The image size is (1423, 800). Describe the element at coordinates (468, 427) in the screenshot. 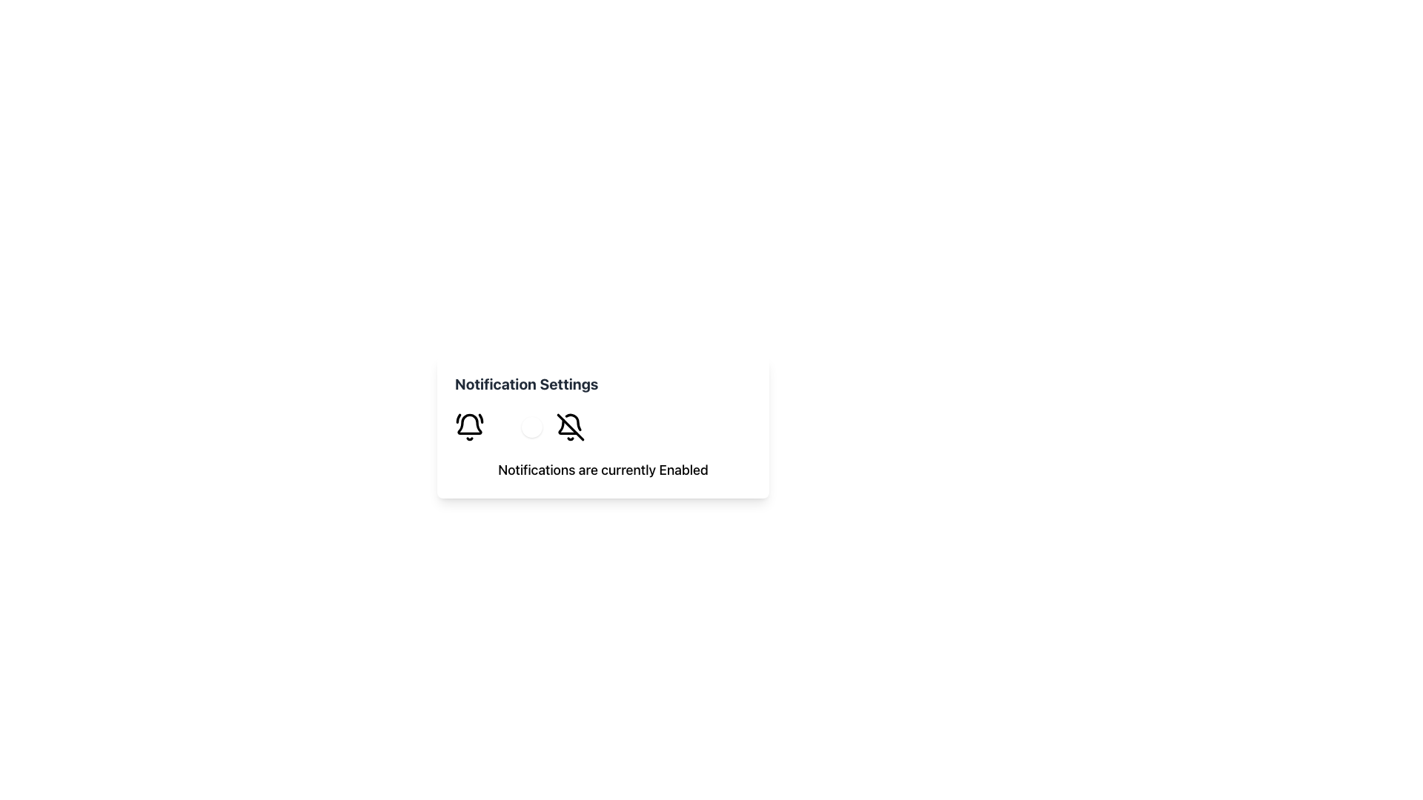

I see `the teal bell icon representing notifications, which is the first icon on the left among three components in the notification settings` at that location.